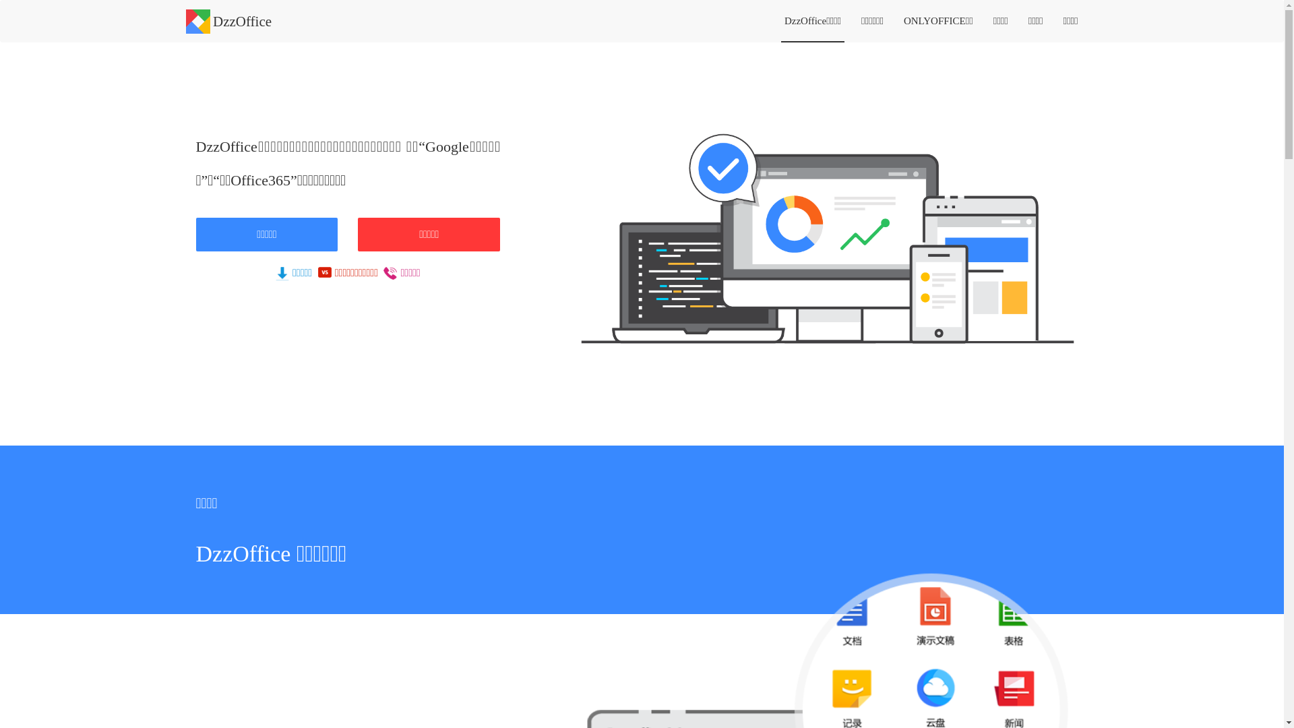 This screenshot has width=1294, height=728. Describe the element at coordinates (229, 16) in the screenshot. I see `'DzzOffice'` at that location.